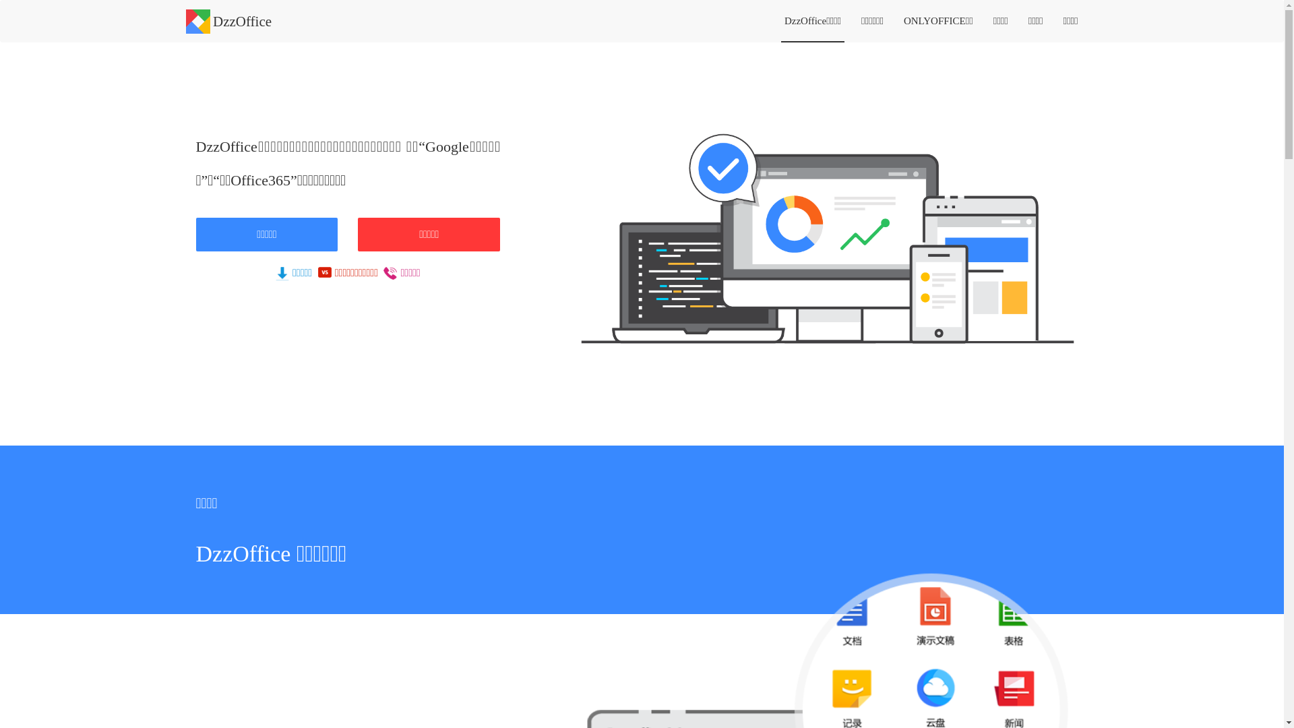 This screenshot has width=1294, height=728. Describe the element at coordinates (229, 16) in the screenshot. I see `'DzzOffice'` at that location.